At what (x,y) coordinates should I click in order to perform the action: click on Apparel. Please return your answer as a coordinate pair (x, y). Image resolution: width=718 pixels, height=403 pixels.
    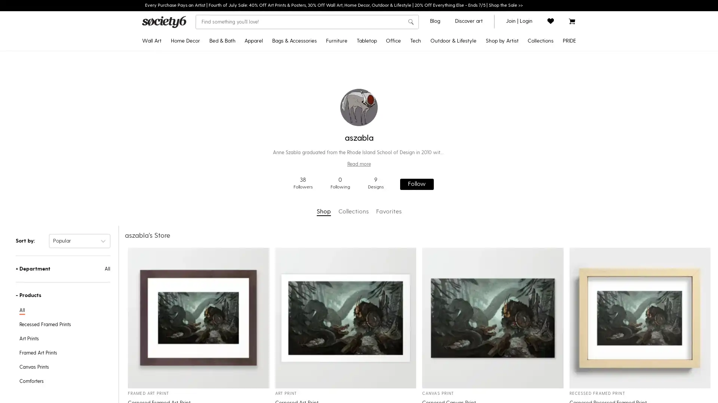
    Looking at the image, I should click on (254, 41).